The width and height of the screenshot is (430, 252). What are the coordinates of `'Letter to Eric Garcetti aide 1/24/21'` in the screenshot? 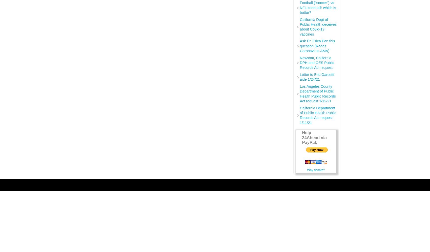 It's located at (316, 77).